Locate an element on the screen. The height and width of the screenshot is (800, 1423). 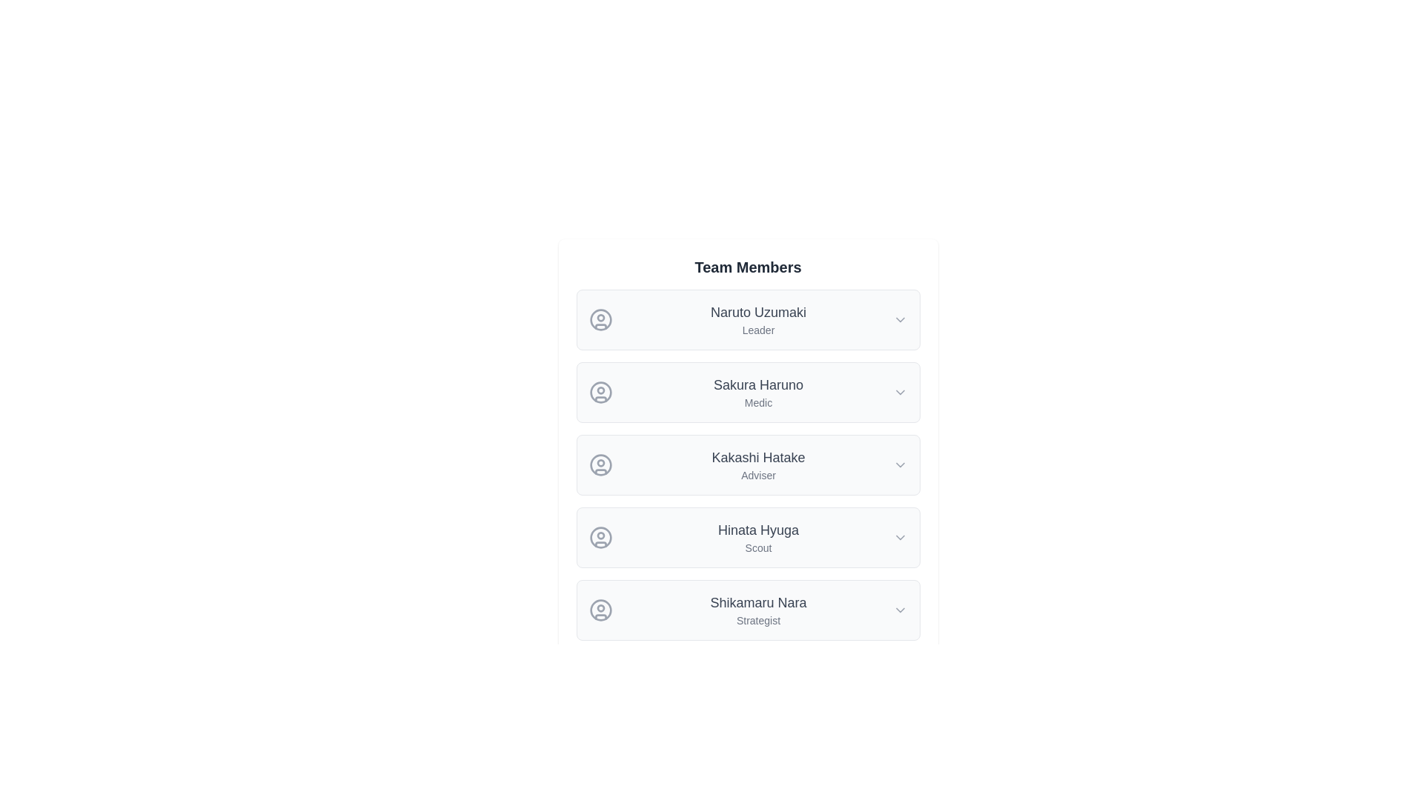
the Circle graphical element that represents the user profile icon, which is centrally positioned in the second row of a vertically stacked list, adjacent to the label 'Sakura Haruno' is located at coordinates (600, 391).